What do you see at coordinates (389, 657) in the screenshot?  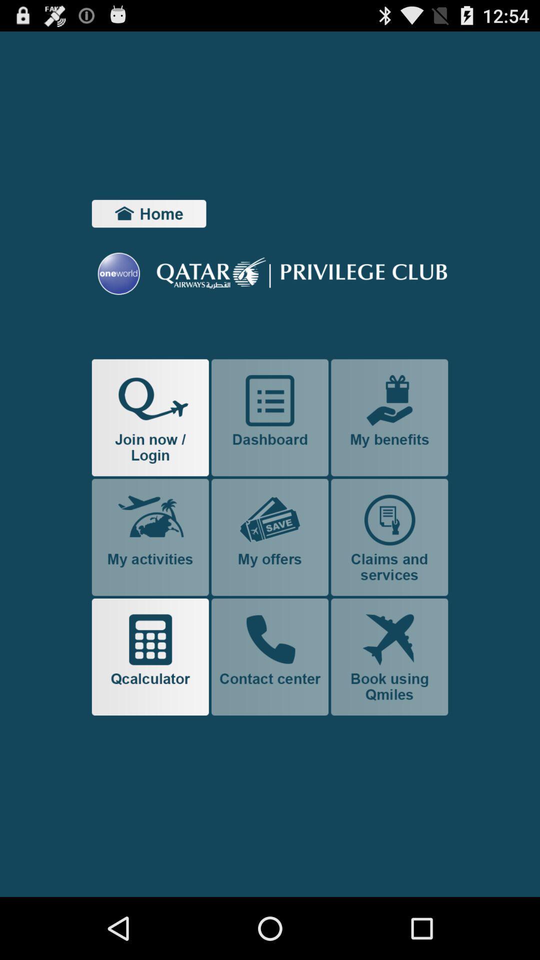 I see `book flights` at bounding box center [389, 657].